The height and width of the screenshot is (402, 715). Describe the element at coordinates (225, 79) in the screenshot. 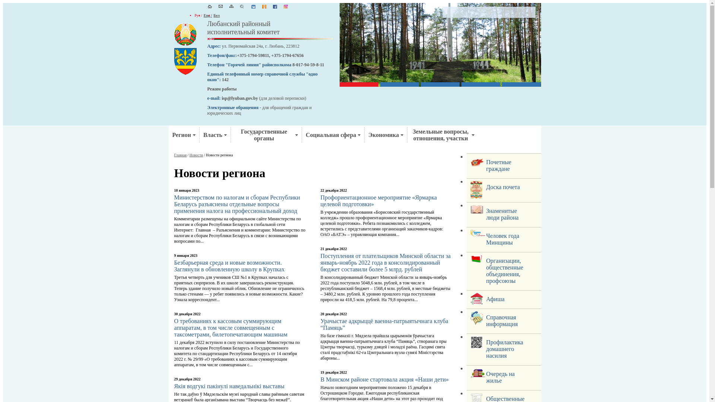

I see `'142'` at that location.